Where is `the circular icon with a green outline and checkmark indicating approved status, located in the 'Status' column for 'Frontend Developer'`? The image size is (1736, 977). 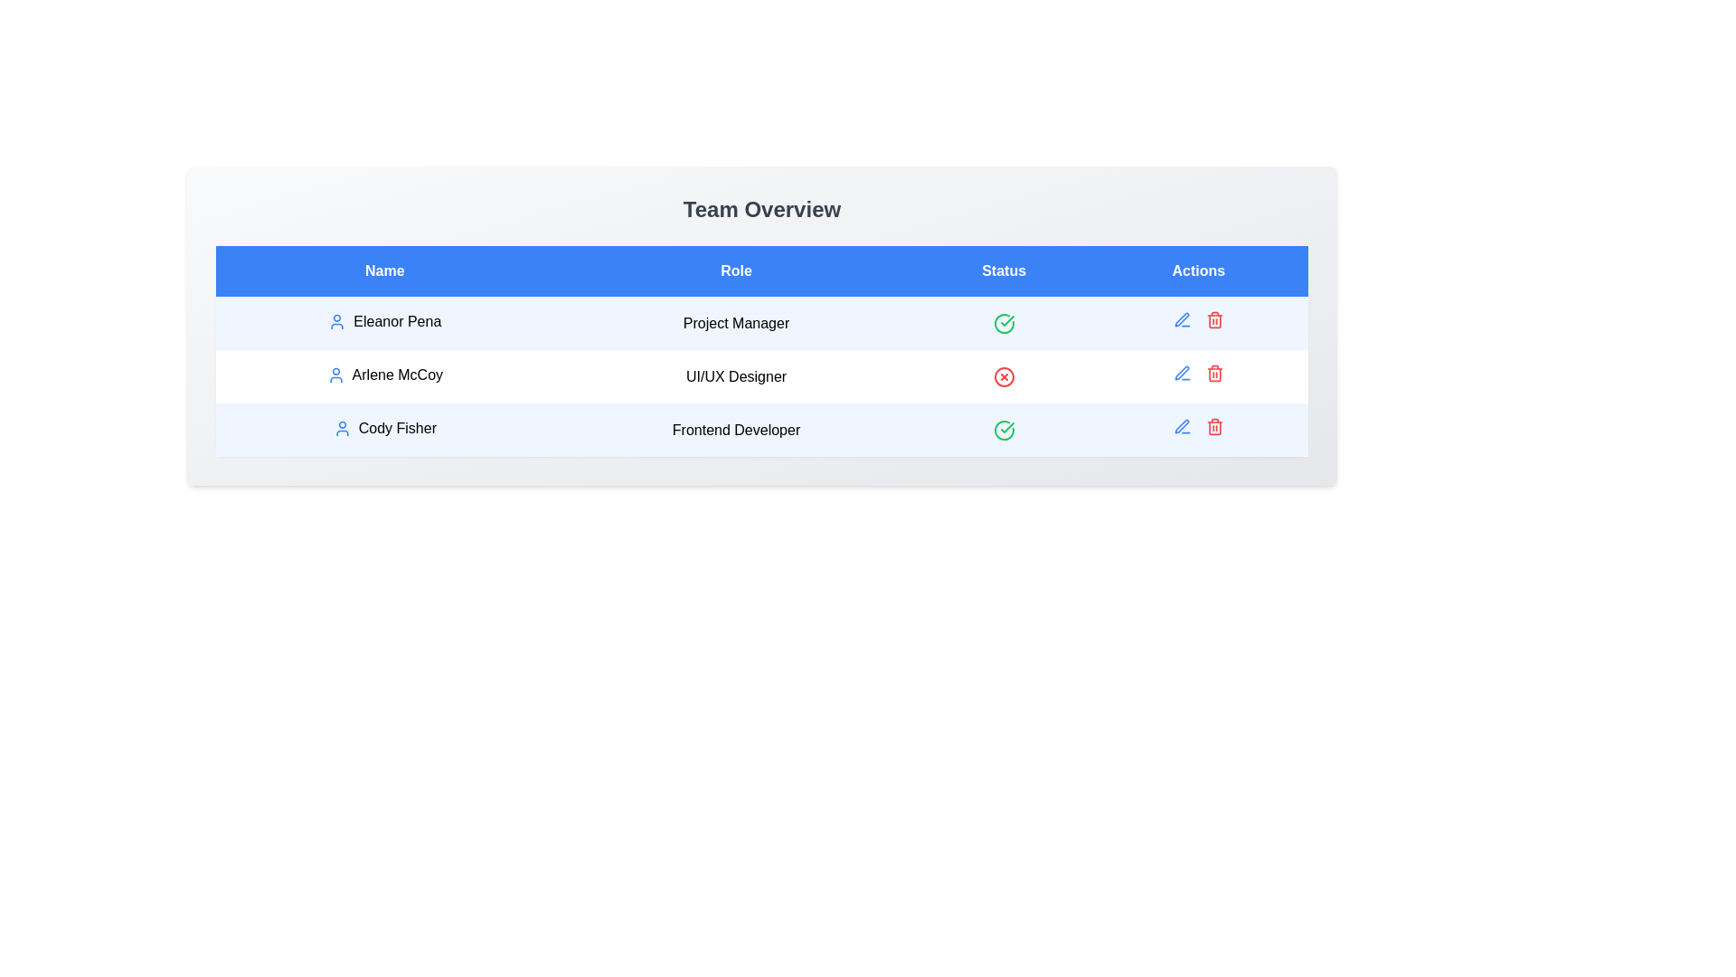
the circular icon with a green outline and checkmark indicating approved status, located in the 'Status' column for 'Frontend Developer' is located at coordinates (1003, 322).